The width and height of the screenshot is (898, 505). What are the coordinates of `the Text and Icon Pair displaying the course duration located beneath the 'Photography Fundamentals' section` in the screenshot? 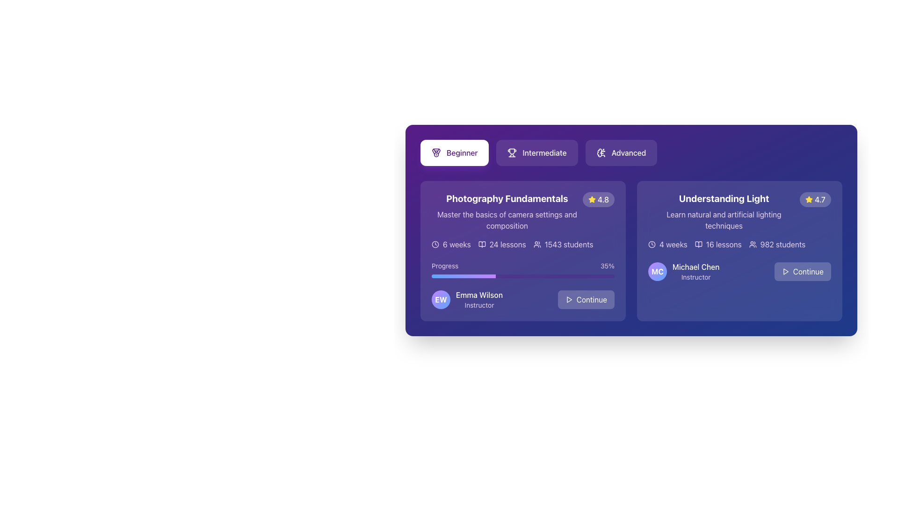 It's located at (451, 244).